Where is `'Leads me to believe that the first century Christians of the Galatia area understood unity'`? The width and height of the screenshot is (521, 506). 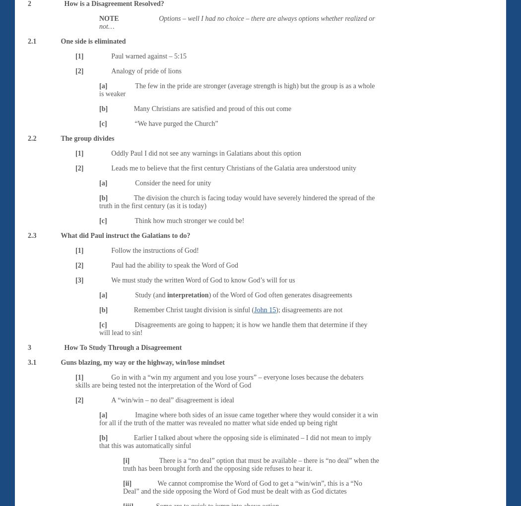 'Leads me to believe that the first century Christians of the Galatia area understood unity' is located at coordinates (234, 167).